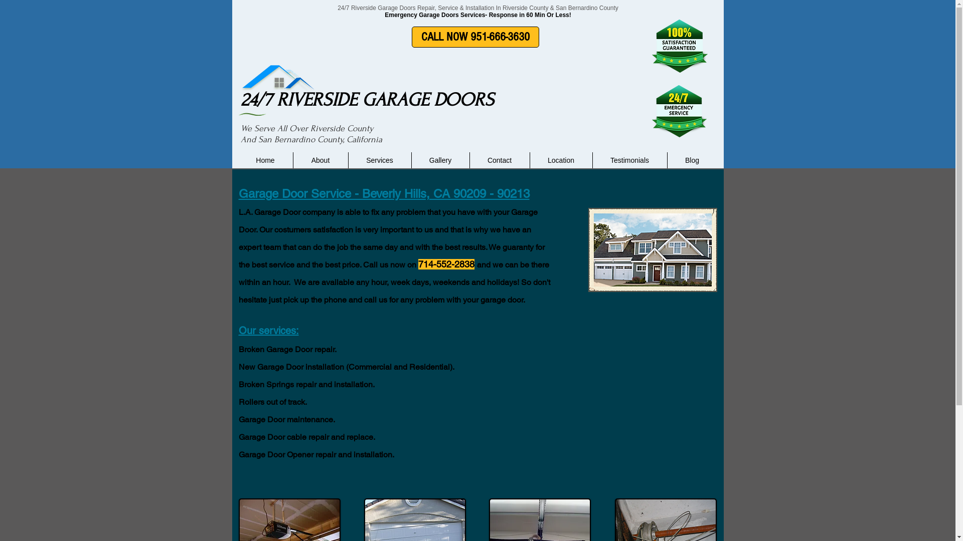 The image size is (963, 541). Describe the element at coordinates (667, 160) in the screenshot. I see `'Blog'` at that location.